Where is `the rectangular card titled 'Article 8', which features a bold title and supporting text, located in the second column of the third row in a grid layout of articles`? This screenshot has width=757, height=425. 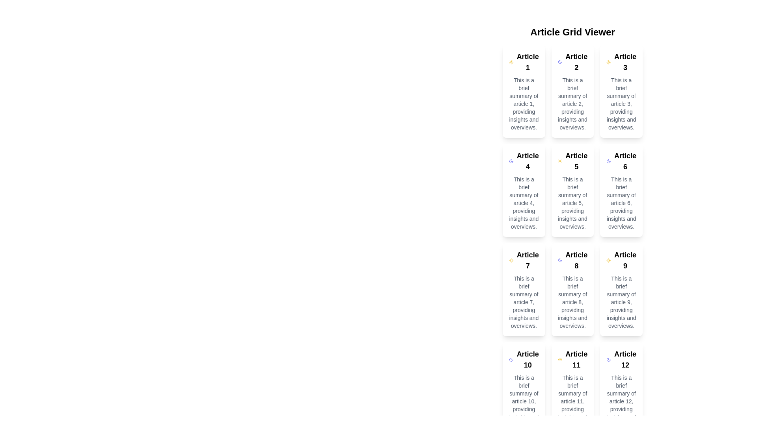 the rectangular card titled 'Article 8', which features a bold title and supporting text, located in the second column of the third row in a grid layout of articles is located at coordinates (572, 290).